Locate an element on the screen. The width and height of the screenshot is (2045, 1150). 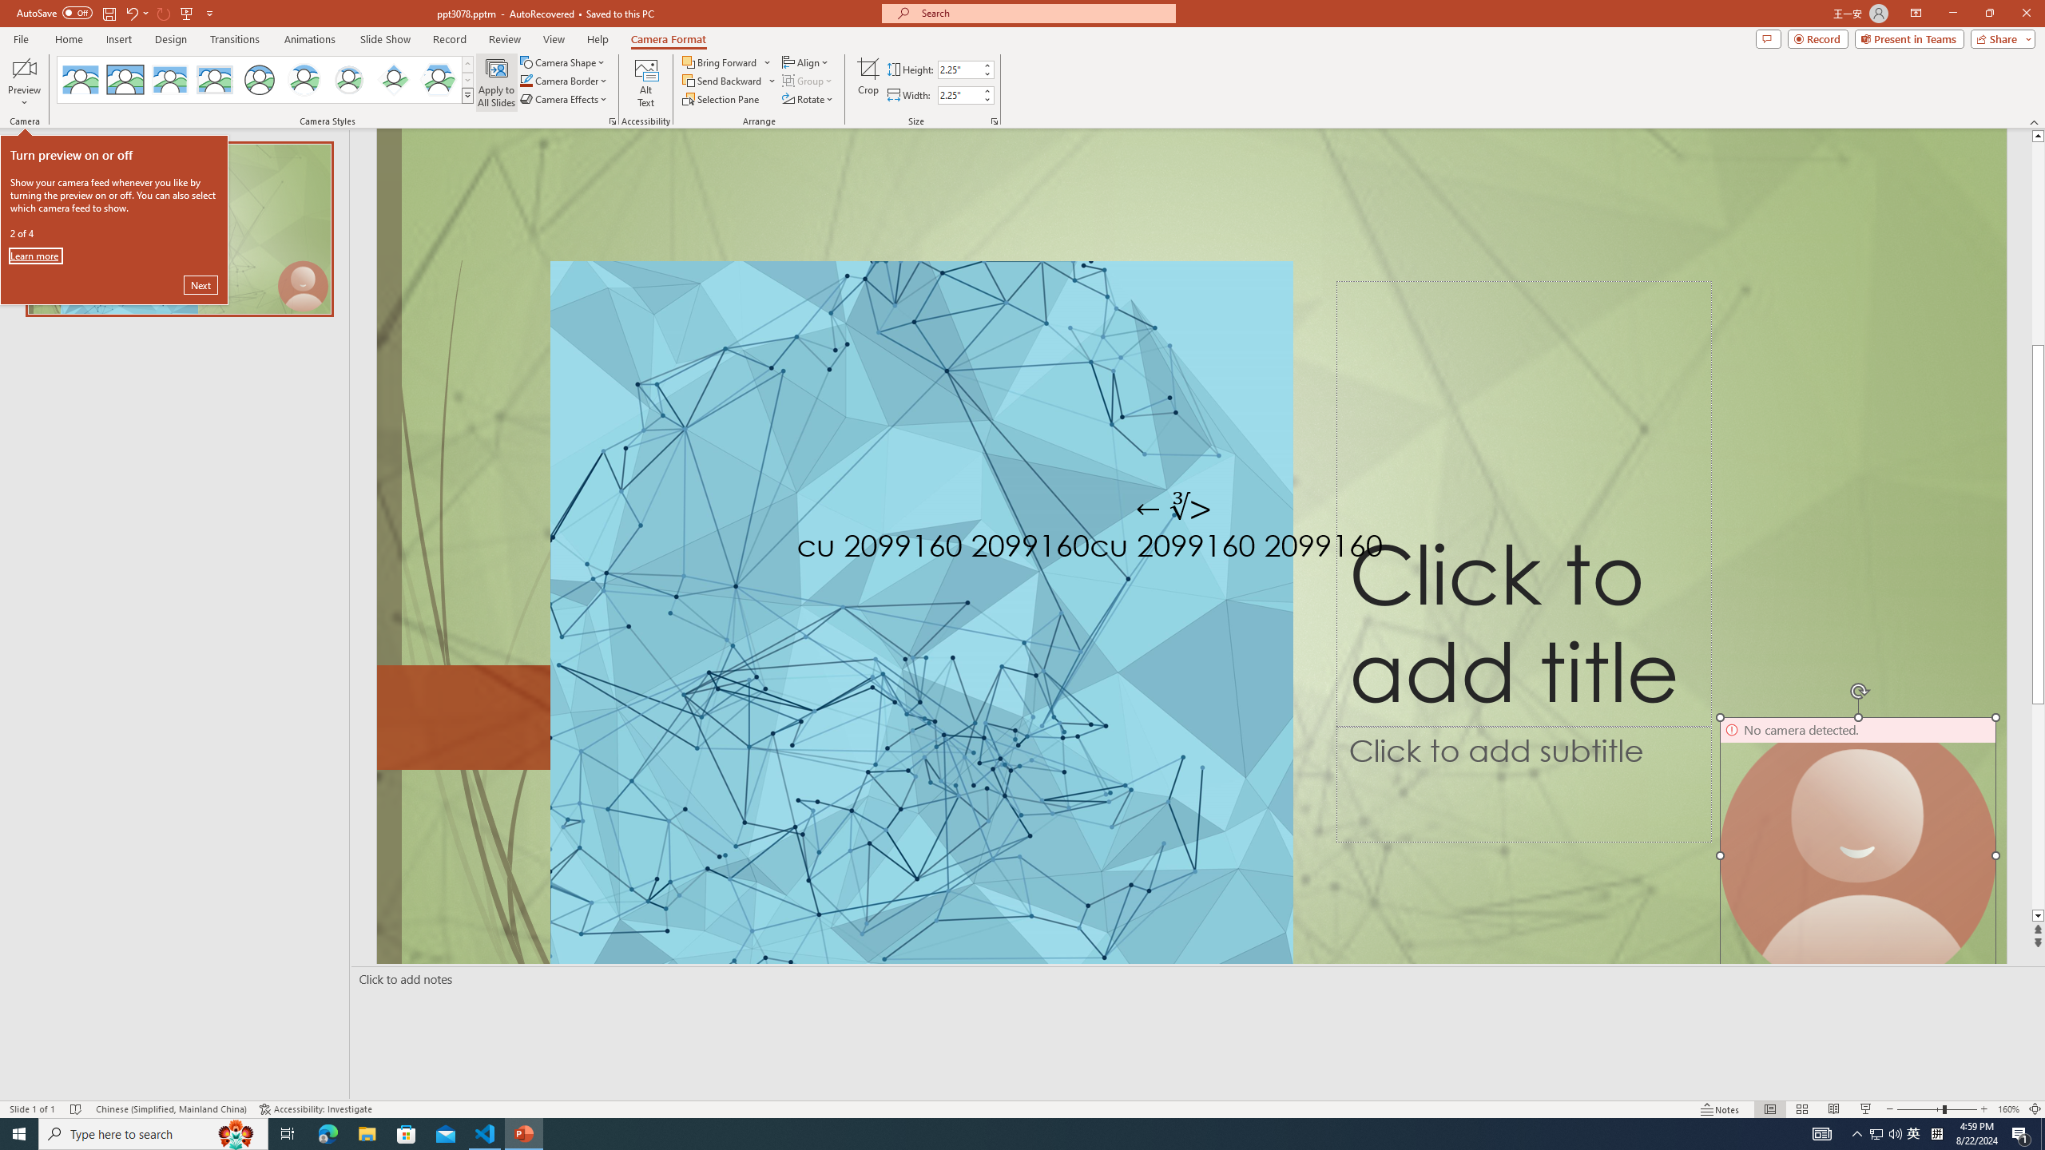
'Selection Pane...' is located at coordinates (721, 97).